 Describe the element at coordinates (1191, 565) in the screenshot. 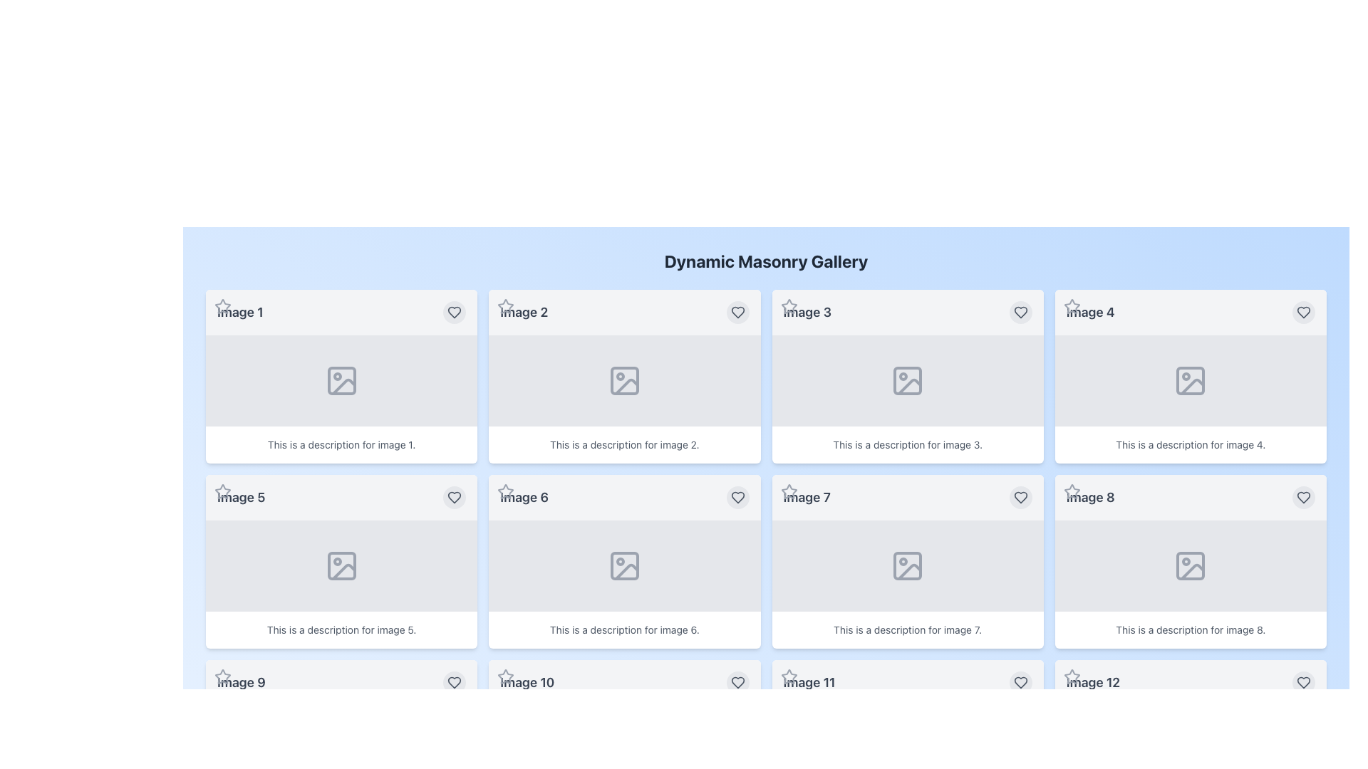

I see `the Image Placeholder located at the center of the card labeled 'Image 8'` at that location.